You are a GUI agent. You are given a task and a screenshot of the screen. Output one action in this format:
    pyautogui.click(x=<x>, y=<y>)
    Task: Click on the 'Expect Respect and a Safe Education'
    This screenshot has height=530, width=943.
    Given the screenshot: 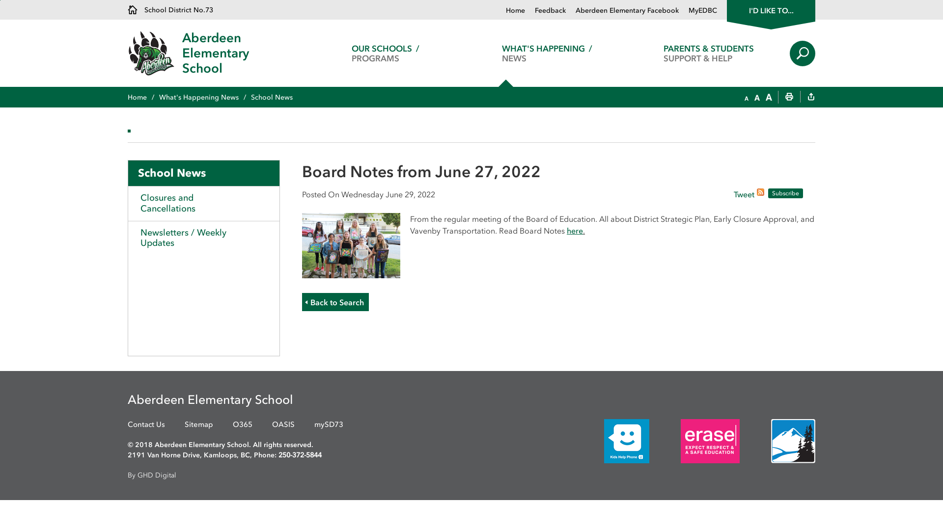 What is the action you would take?
    pyautogui.click(x=710, y=440)
    